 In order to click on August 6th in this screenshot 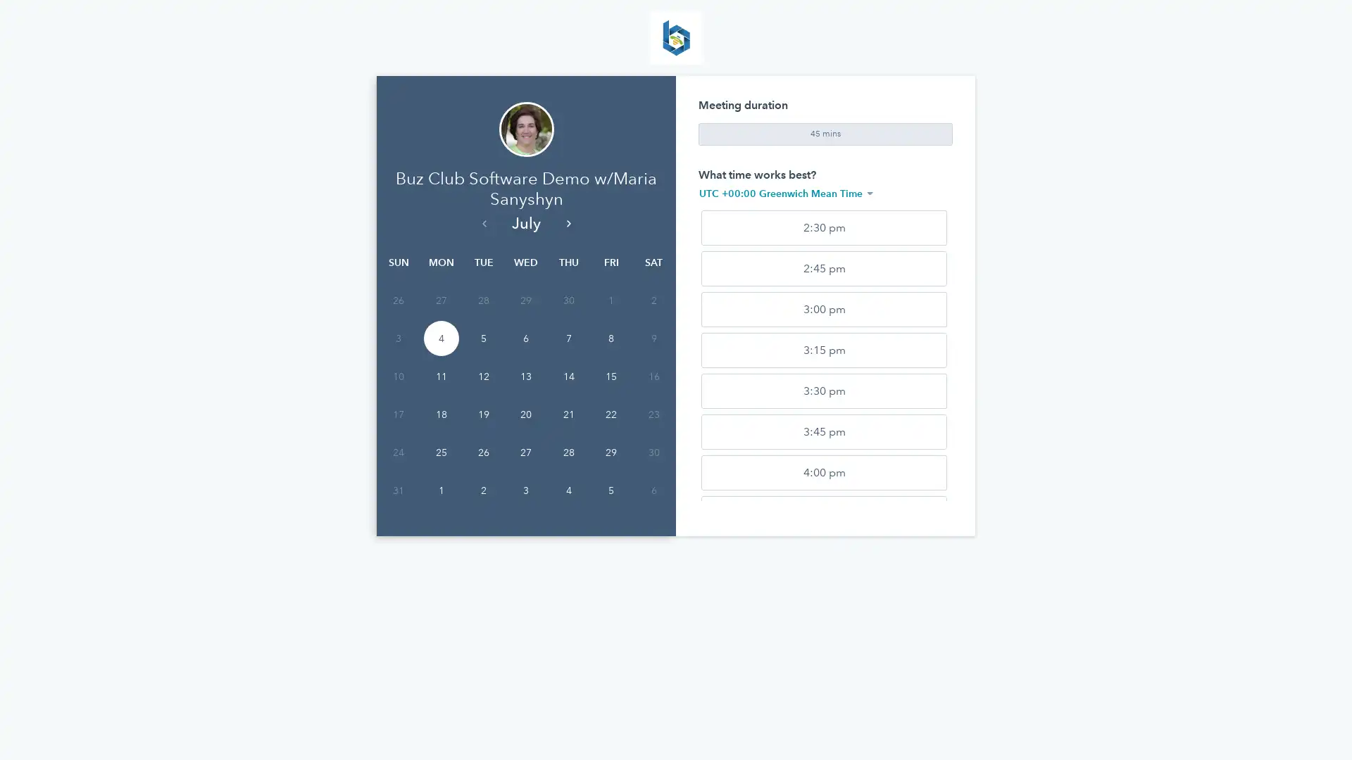, I will do `click(652, 490)`.